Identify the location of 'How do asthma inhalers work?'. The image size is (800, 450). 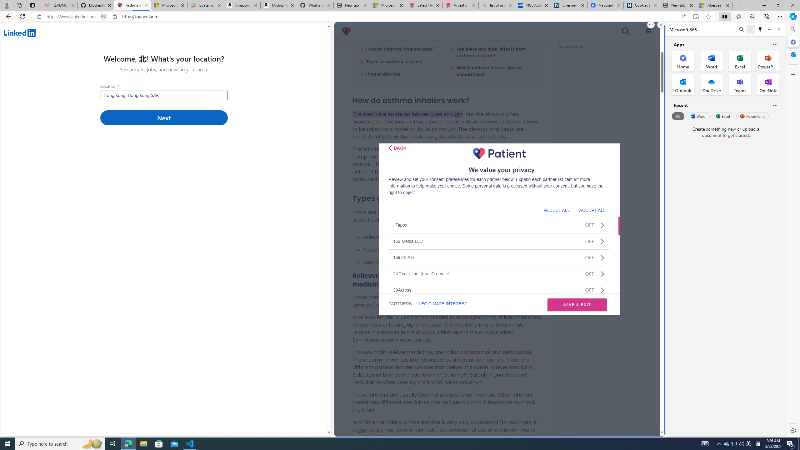
(397, 49).